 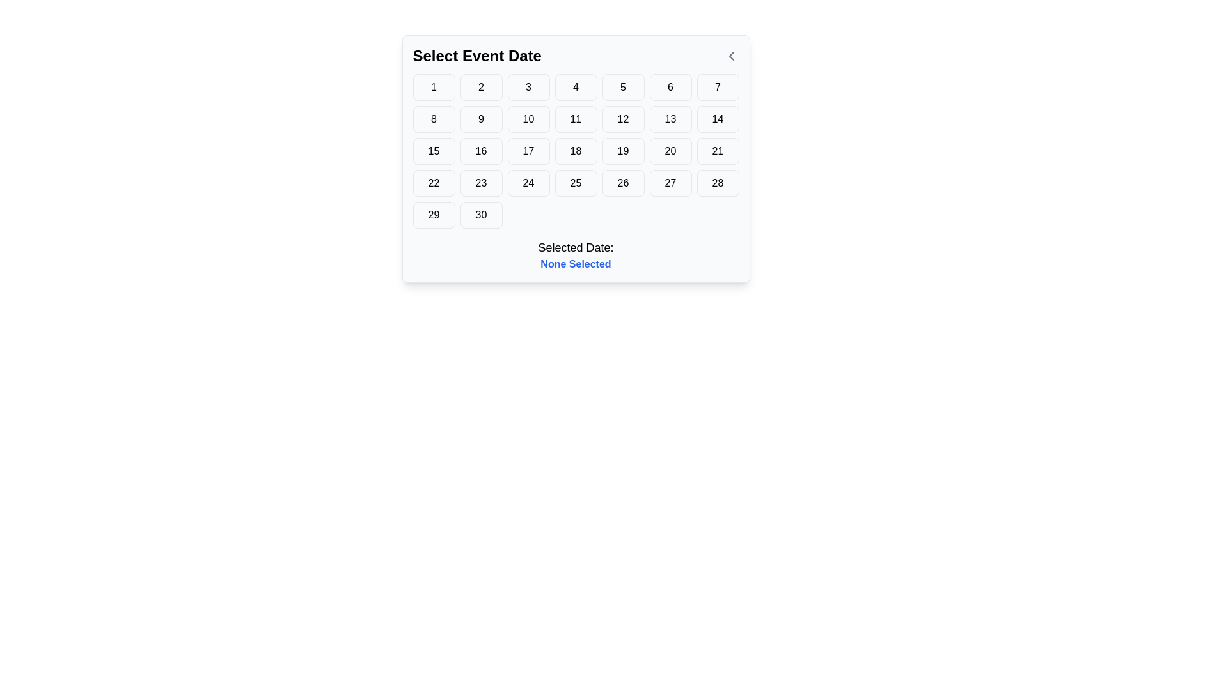 What do you see at coordinates (731, 56) in the screenshot?
I see `the left-facing chevron icon button in the top-right corner of the 'Select Event Date' section` at bounding box center [731, 56].